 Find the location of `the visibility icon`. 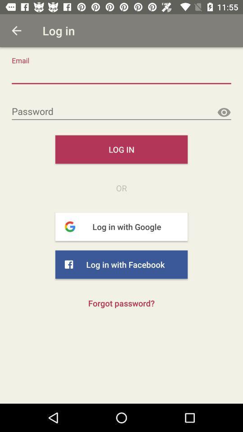

the visibility icon is located at coordinates (223, 112).